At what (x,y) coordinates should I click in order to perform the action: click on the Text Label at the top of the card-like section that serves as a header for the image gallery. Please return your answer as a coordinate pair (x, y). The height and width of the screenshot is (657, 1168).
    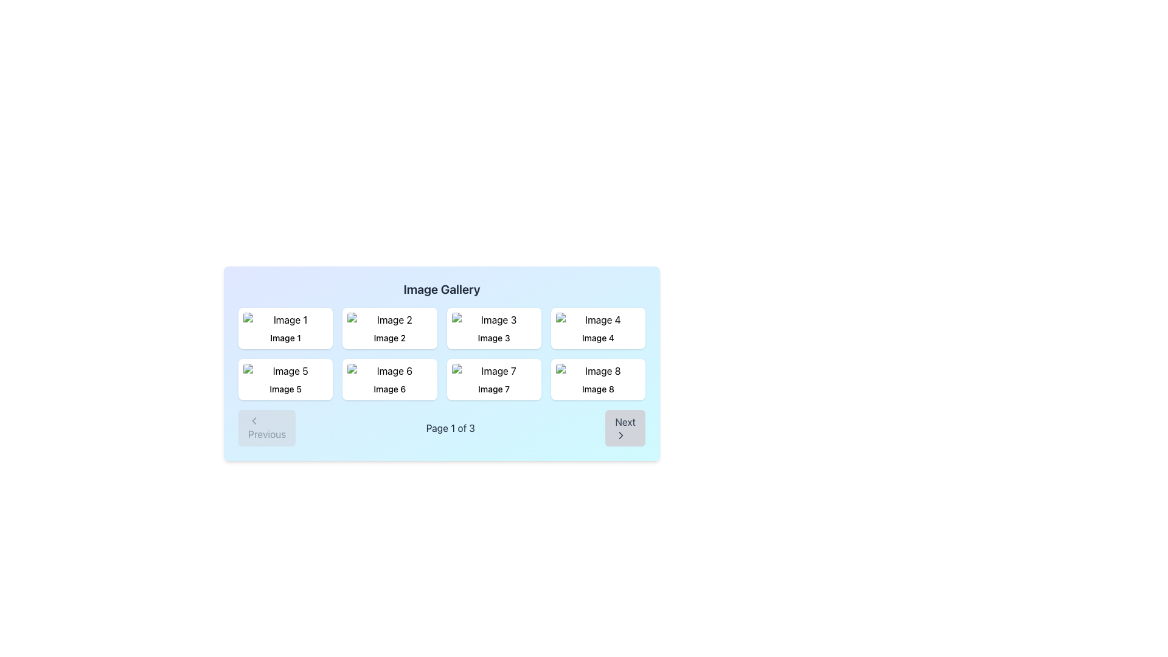
    Looking at the image, I should click on (441, 289).